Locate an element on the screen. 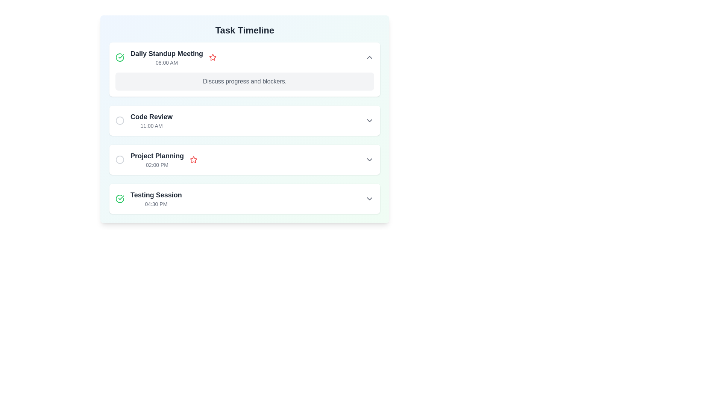 Image resolution: width=722 pixels, height=406 pixels. the rightmost button in the 'Project Planning 02:00 PM' row is located at coordinates (370, 159).